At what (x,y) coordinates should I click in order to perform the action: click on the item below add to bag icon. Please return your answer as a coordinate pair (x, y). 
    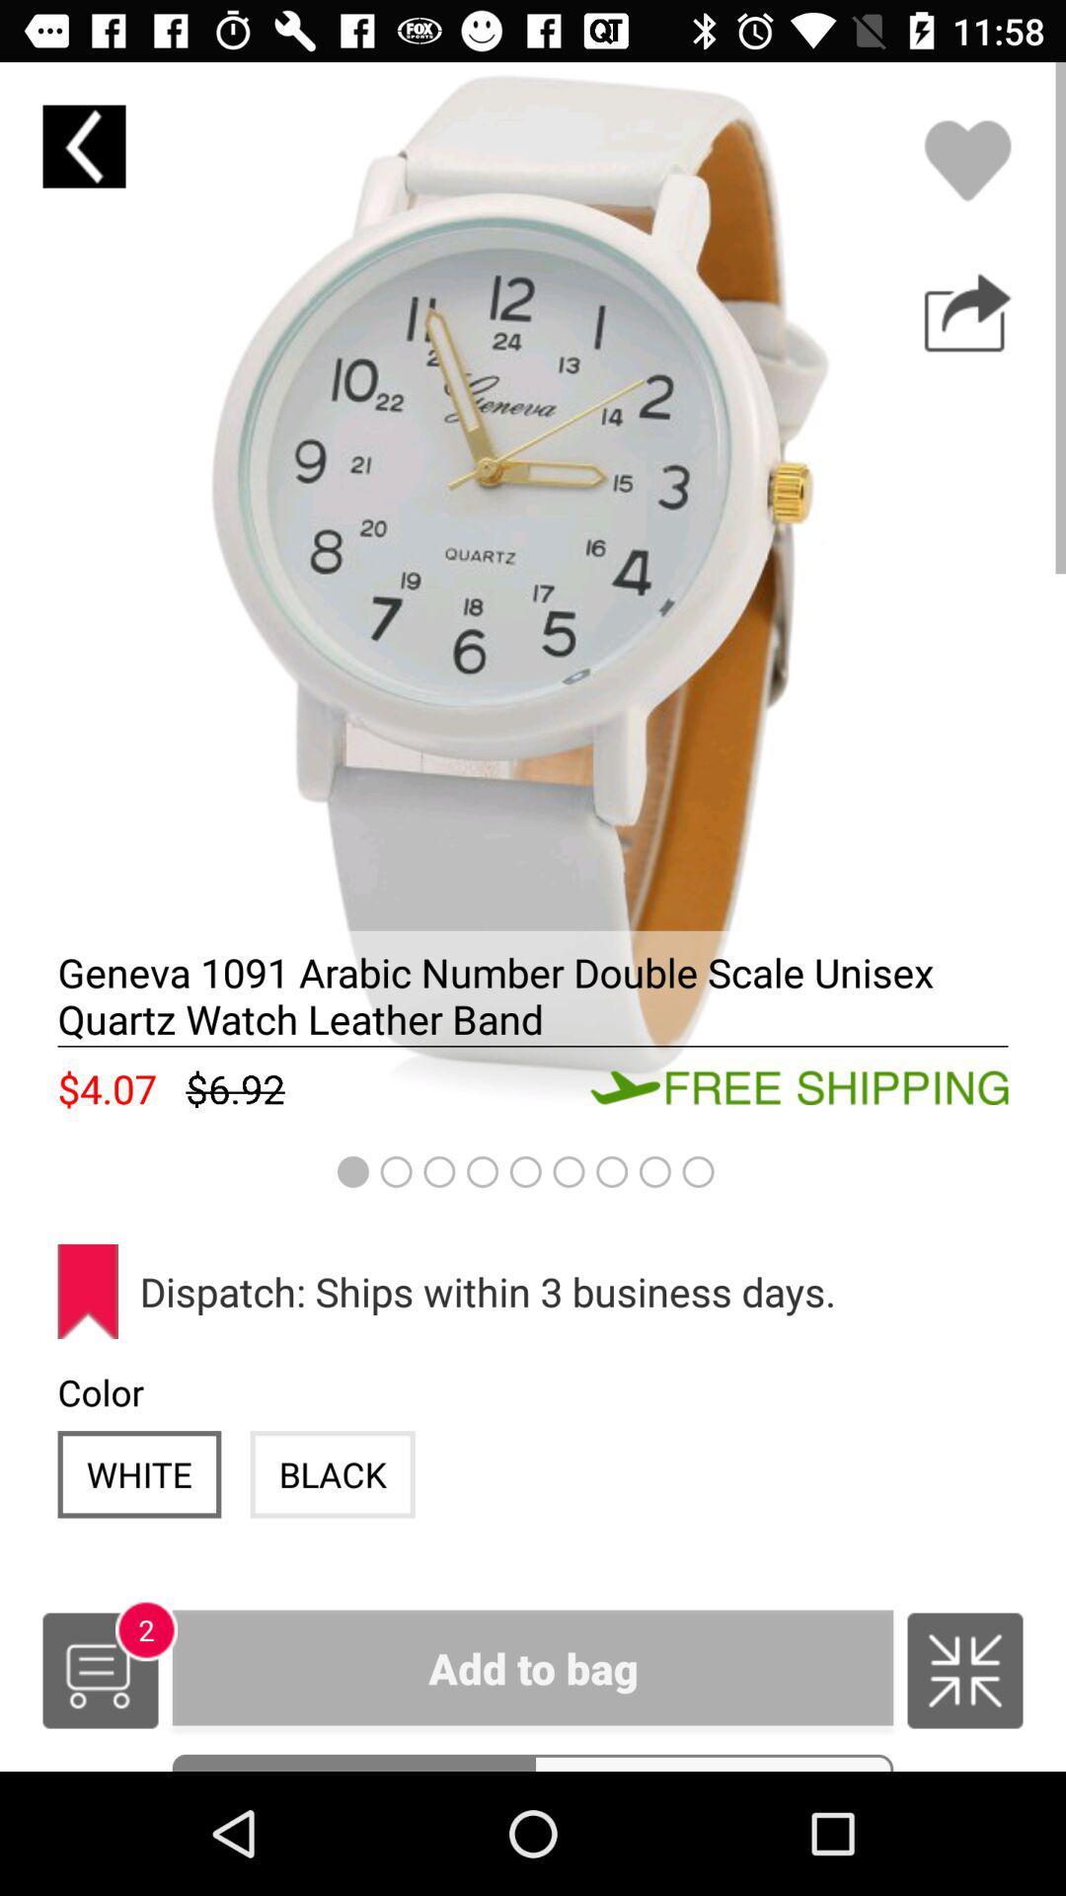
    Looking at the image, I should click on (351, 1763).